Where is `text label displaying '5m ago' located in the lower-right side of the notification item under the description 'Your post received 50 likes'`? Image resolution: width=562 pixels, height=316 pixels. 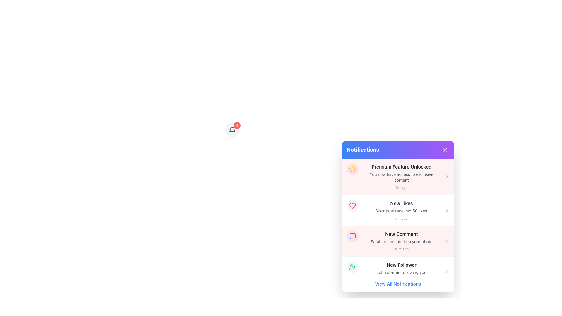
text label displaying '5m ago' located in the lower-right side of the notification item under the description 'Your post received 50 likes' is located at coordinates (401, 219).